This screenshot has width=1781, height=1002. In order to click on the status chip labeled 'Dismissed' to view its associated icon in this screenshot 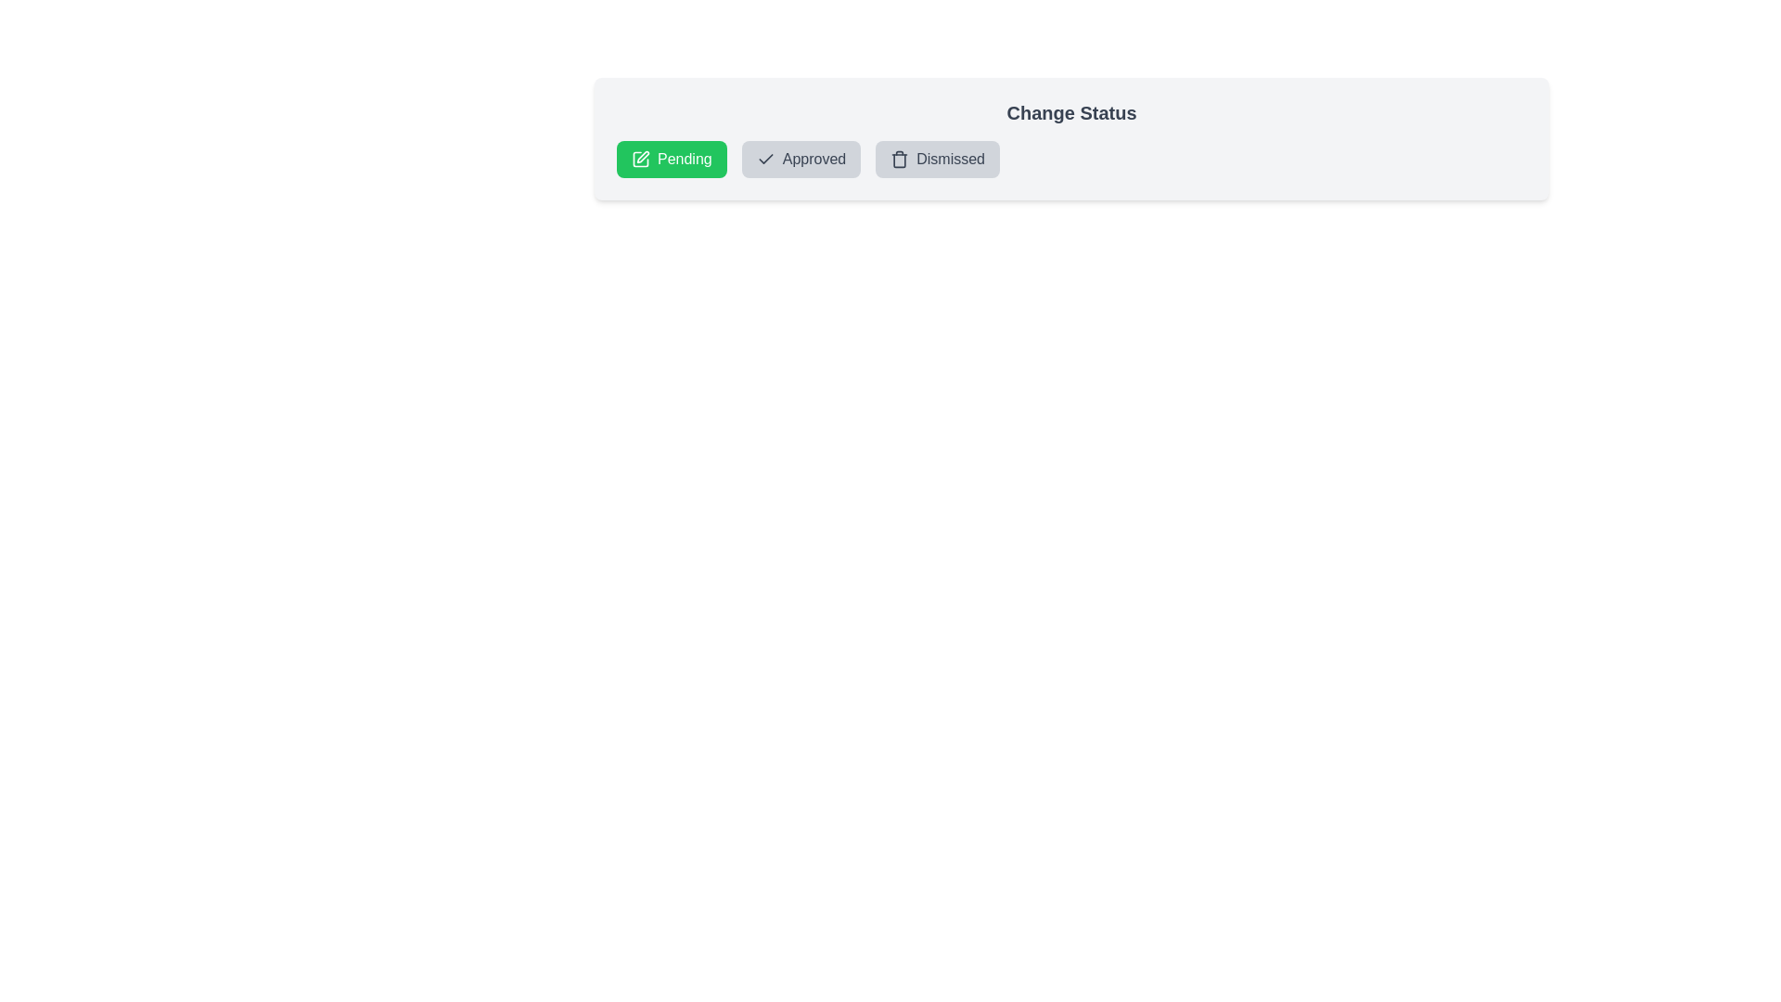, I will do `click(938, 159)`.